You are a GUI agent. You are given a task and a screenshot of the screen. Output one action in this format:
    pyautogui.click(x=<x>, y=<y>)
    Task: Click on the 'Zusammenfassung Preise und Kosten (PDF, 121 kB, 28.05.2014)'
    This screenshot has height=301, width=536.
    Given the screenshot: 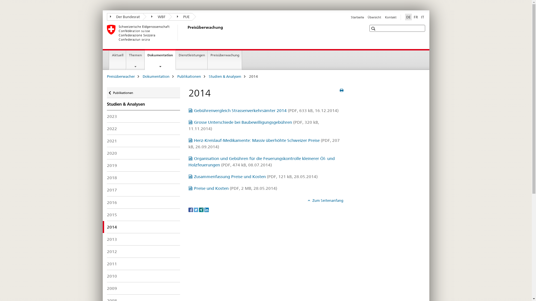 What is the action you would take?
    pyautogui.click(x=253, y=176)
    